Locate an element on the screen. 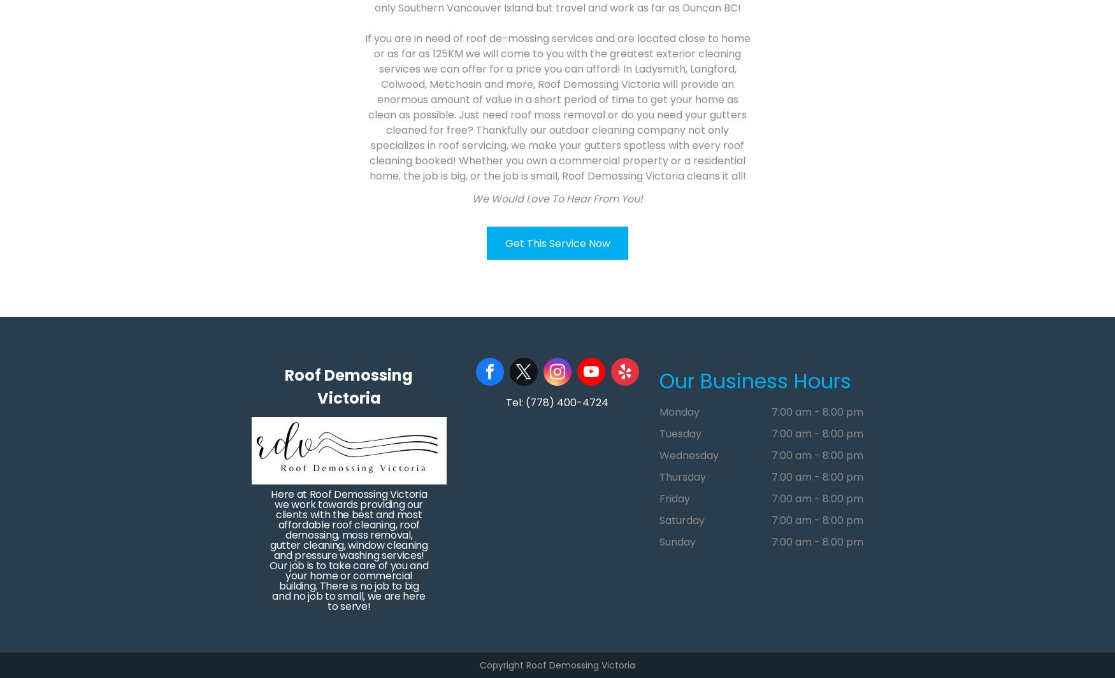  'Saturday' is located at coordinates (681, 520).